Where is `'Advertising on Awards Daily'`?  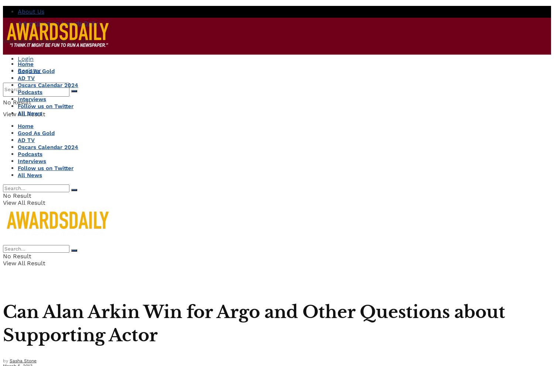
'Advertising on Awards Daily' is located at coordinates (58, 23).